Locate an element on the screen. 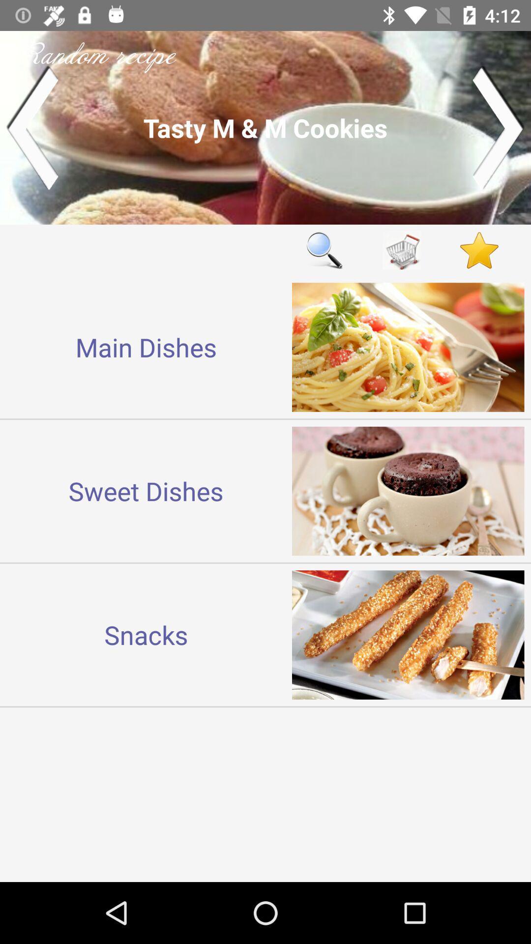 The image size is (531, 944). snacks at the bottom left corner is located at coordinates (146, 635).